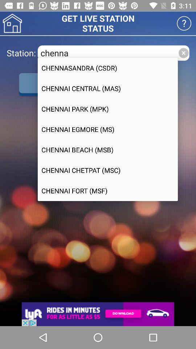  What do you see at coordinates (98, 314) in the screenshot?
I see `access advertising` at bounding box center [98, 314].